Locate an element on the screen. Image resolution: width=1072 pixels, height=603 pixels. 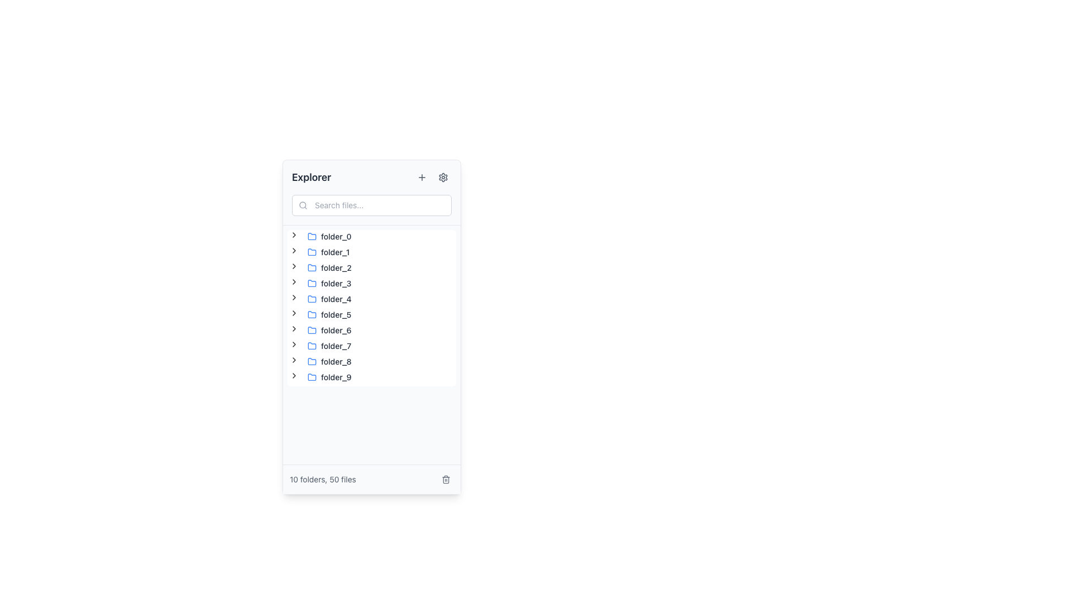
the collapsible icon is located at coordinates (294, 328).